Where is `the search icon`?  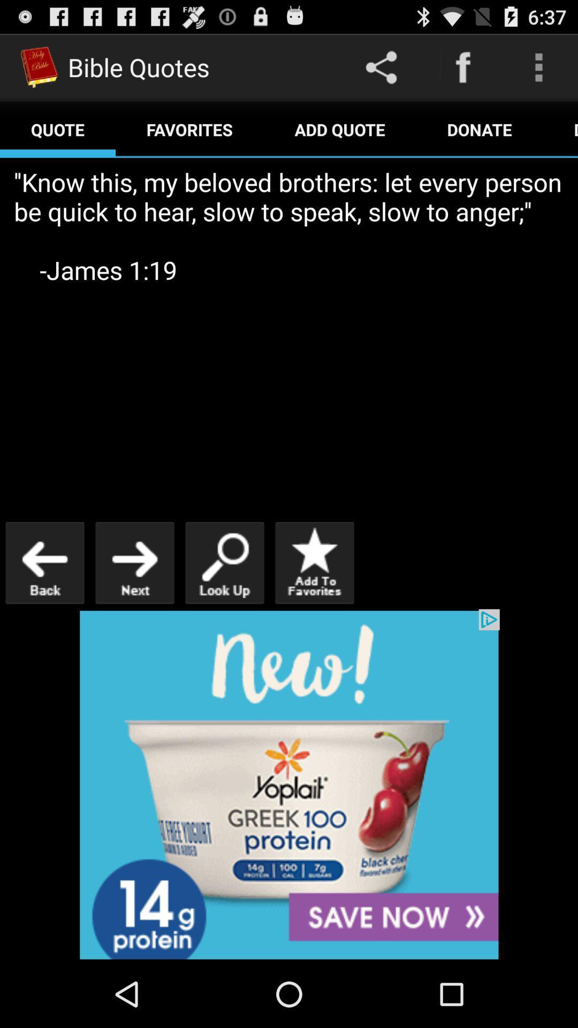
the search icon is located at coordinates (224, 602).